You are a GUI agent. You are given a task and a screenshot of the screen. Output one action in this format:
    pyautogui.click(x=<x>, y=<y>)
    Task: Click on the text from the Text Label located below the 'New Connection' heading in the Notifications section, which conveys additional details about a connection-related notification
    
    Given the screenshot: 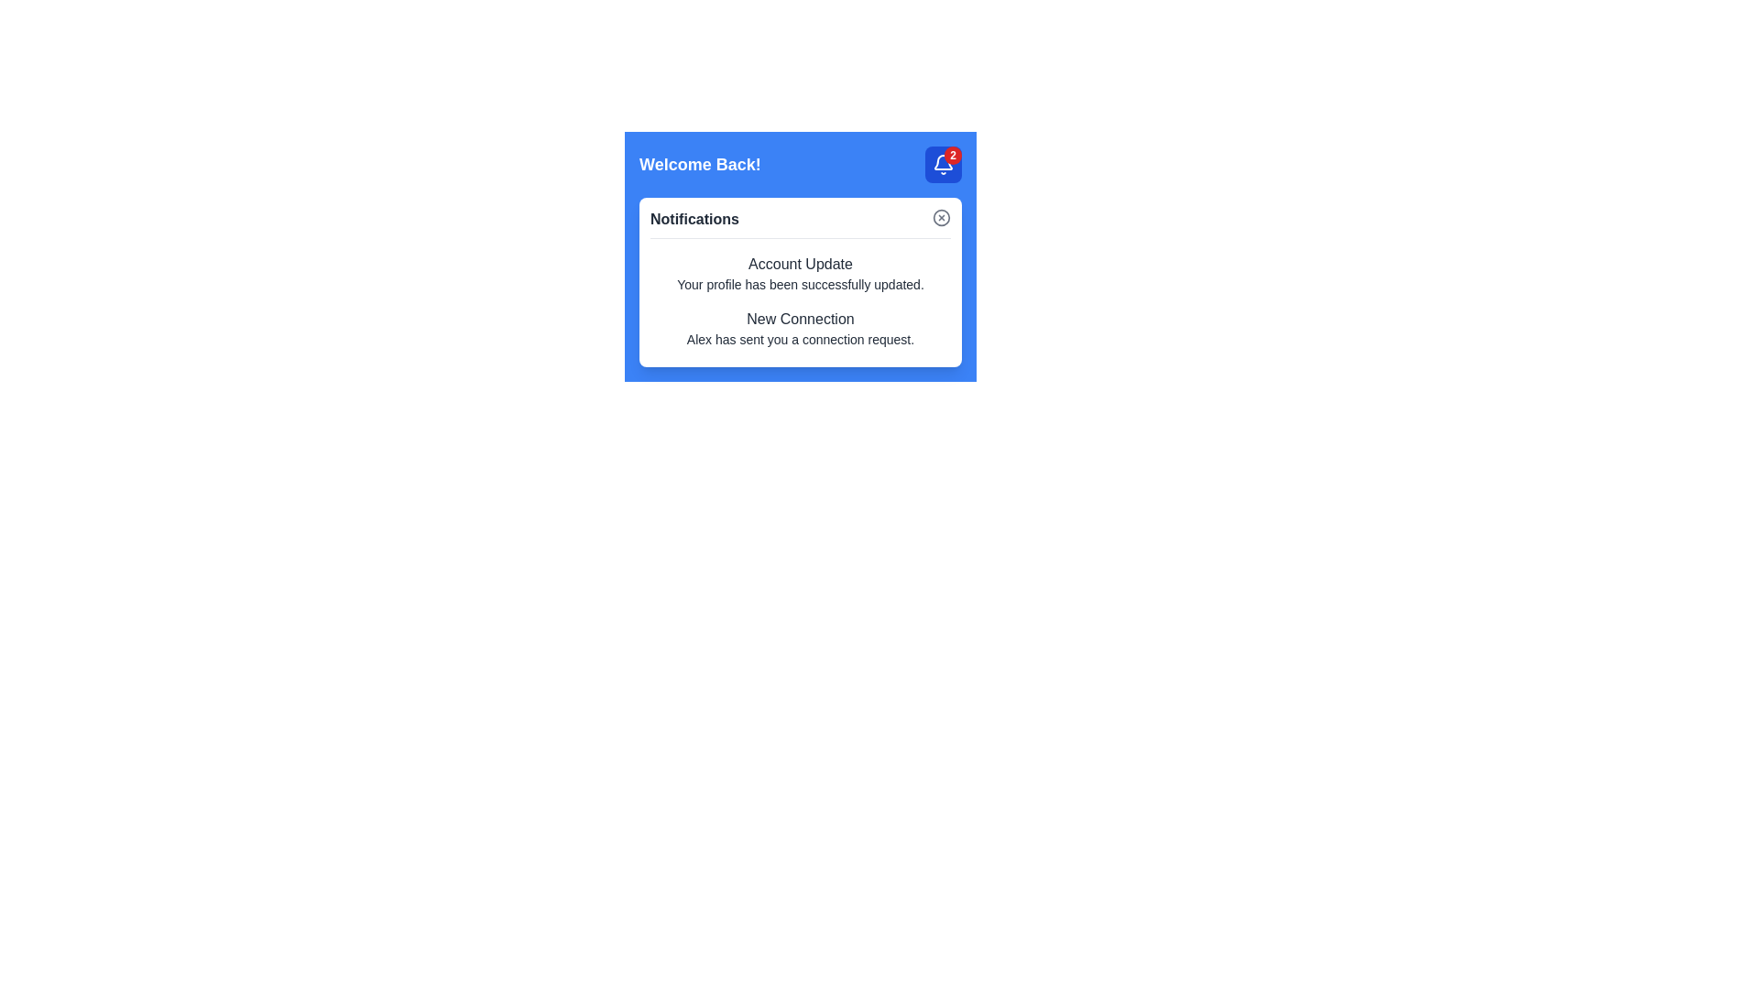 What is the action you would take?
    pyautogui.click(x=800, y=339)
    